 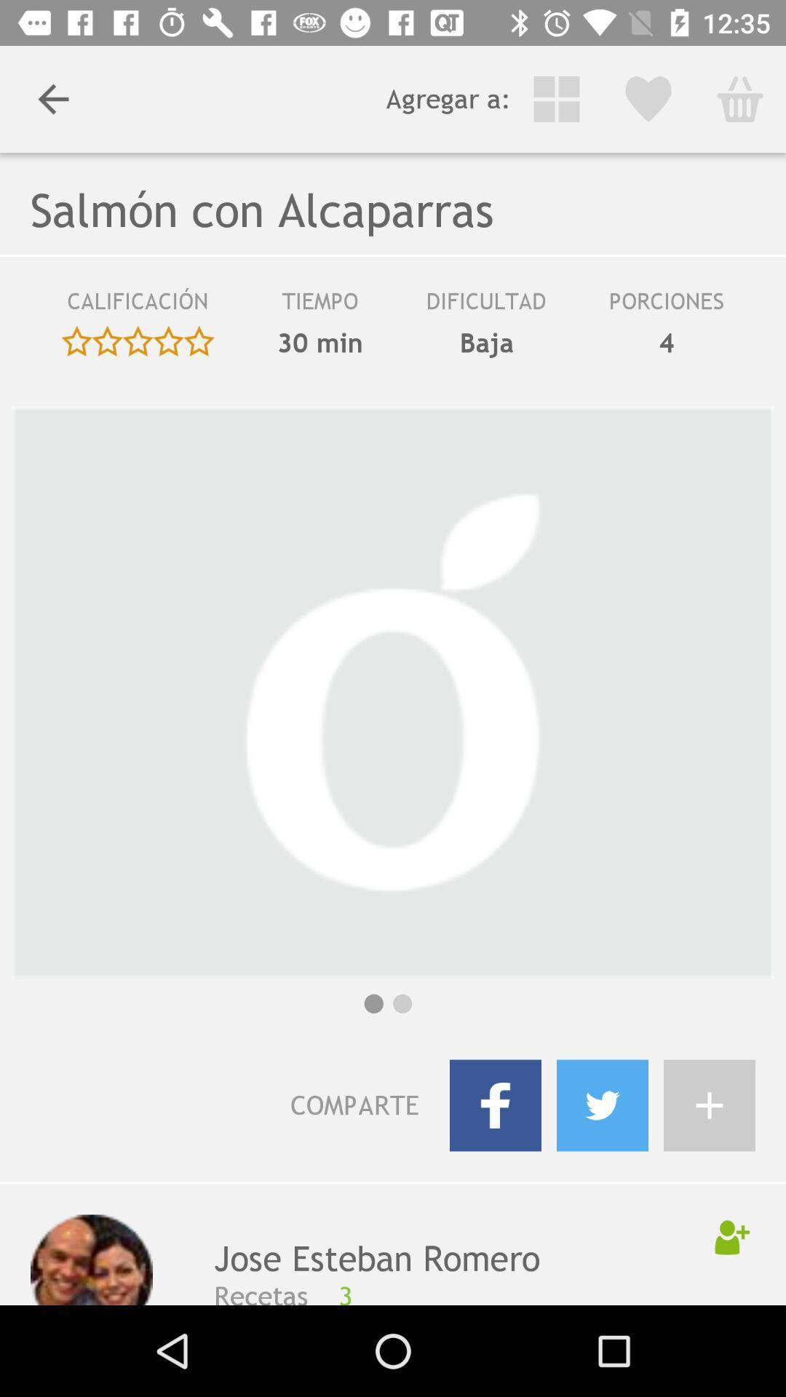 What do you see at coordinates (52, 98) in the screenshot?
I see `the item to the left of agregar a: item` at bounding box center [52, 98].